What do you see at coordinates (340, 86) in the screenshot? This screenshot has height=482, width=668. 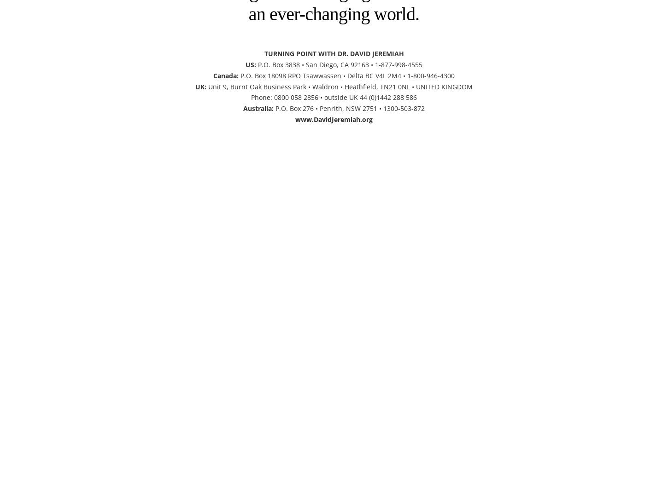 I see `'Unit 9, Burnt Oak Business Park • Waldron • Heathfield, TN21 0NL • UNITED KINGDOM'` at bounding box center [340, 86].